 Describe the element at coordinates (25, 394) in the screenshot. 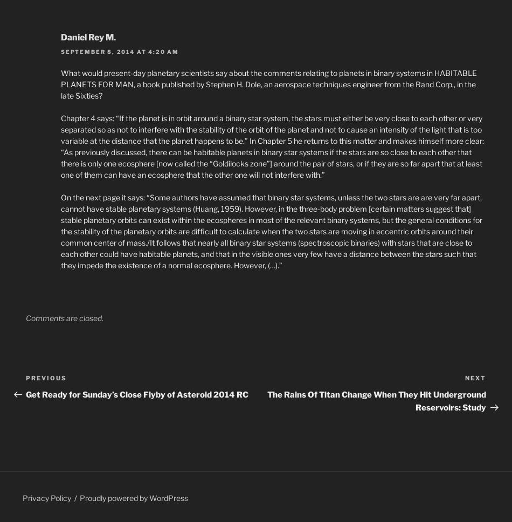

I see `'Get Ready for Sunday’s Close Flyby of Asteroid 2014 RC'` at that location.